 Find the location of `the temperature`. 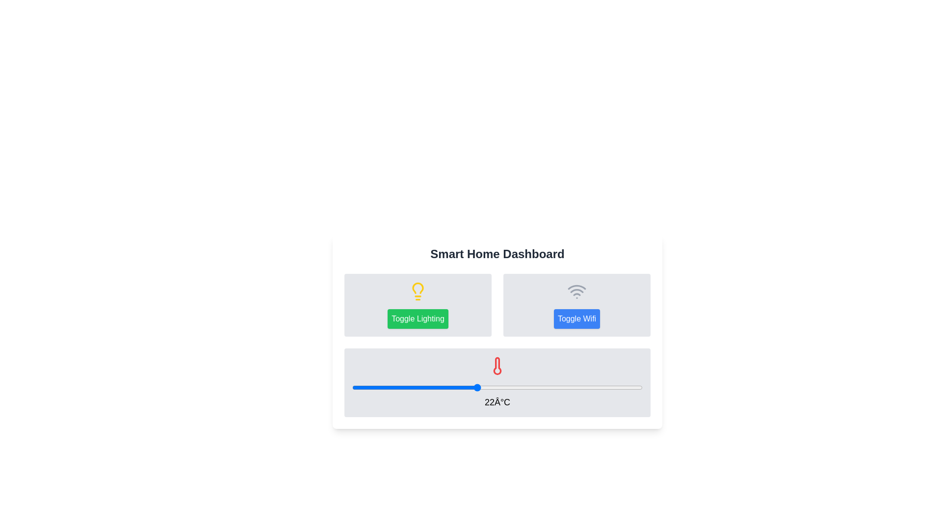

the temperature is located at coordinates (393, 387).